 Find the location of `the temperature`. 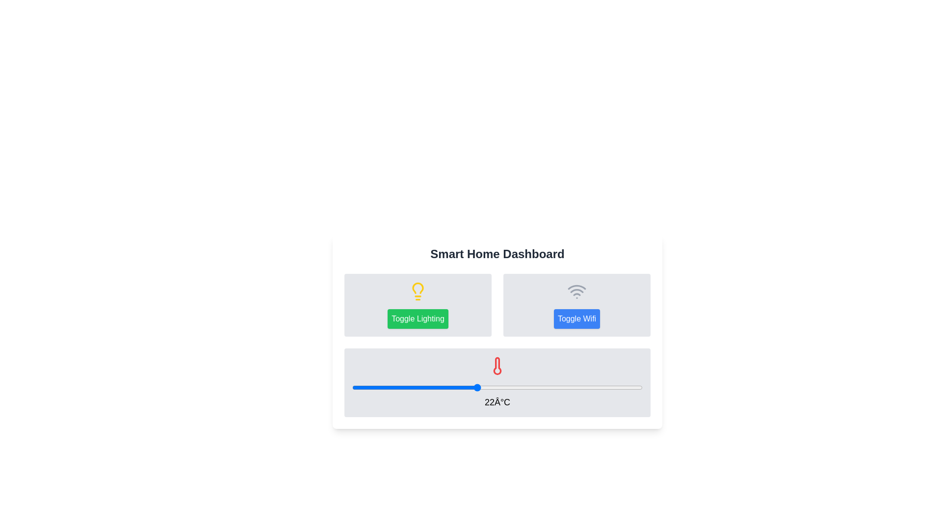

the temperature is located at coordinates (393, 387).